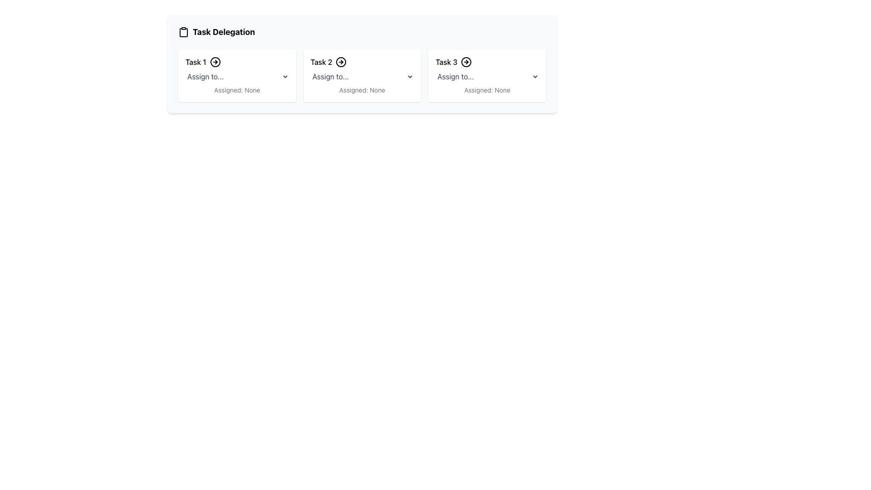 This screenshot has height=490, width=871. What do you see at coordinates (183, 32) in the screenshot?
I see `the clipboard icon component that signifies task management, located to the left of the text 'Task Delegation'` at bounding box center [183, 32].